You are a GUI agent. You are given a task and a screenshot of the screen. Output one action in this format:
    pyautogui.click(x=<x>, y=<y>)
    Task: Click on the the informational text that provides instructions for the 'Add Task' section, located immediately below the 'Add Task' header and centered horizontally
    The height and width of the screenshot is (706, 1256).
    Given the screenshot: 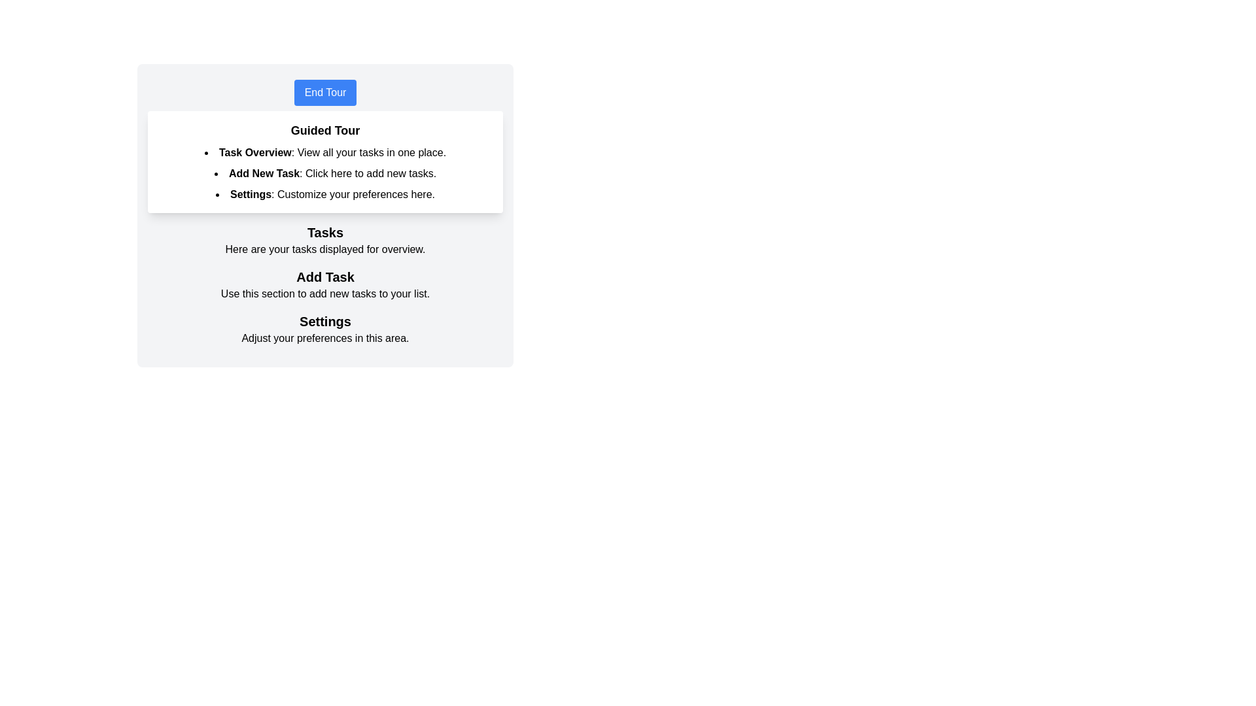 What is the action you would take?
    pyautogui.click(x=325, y=294)
    